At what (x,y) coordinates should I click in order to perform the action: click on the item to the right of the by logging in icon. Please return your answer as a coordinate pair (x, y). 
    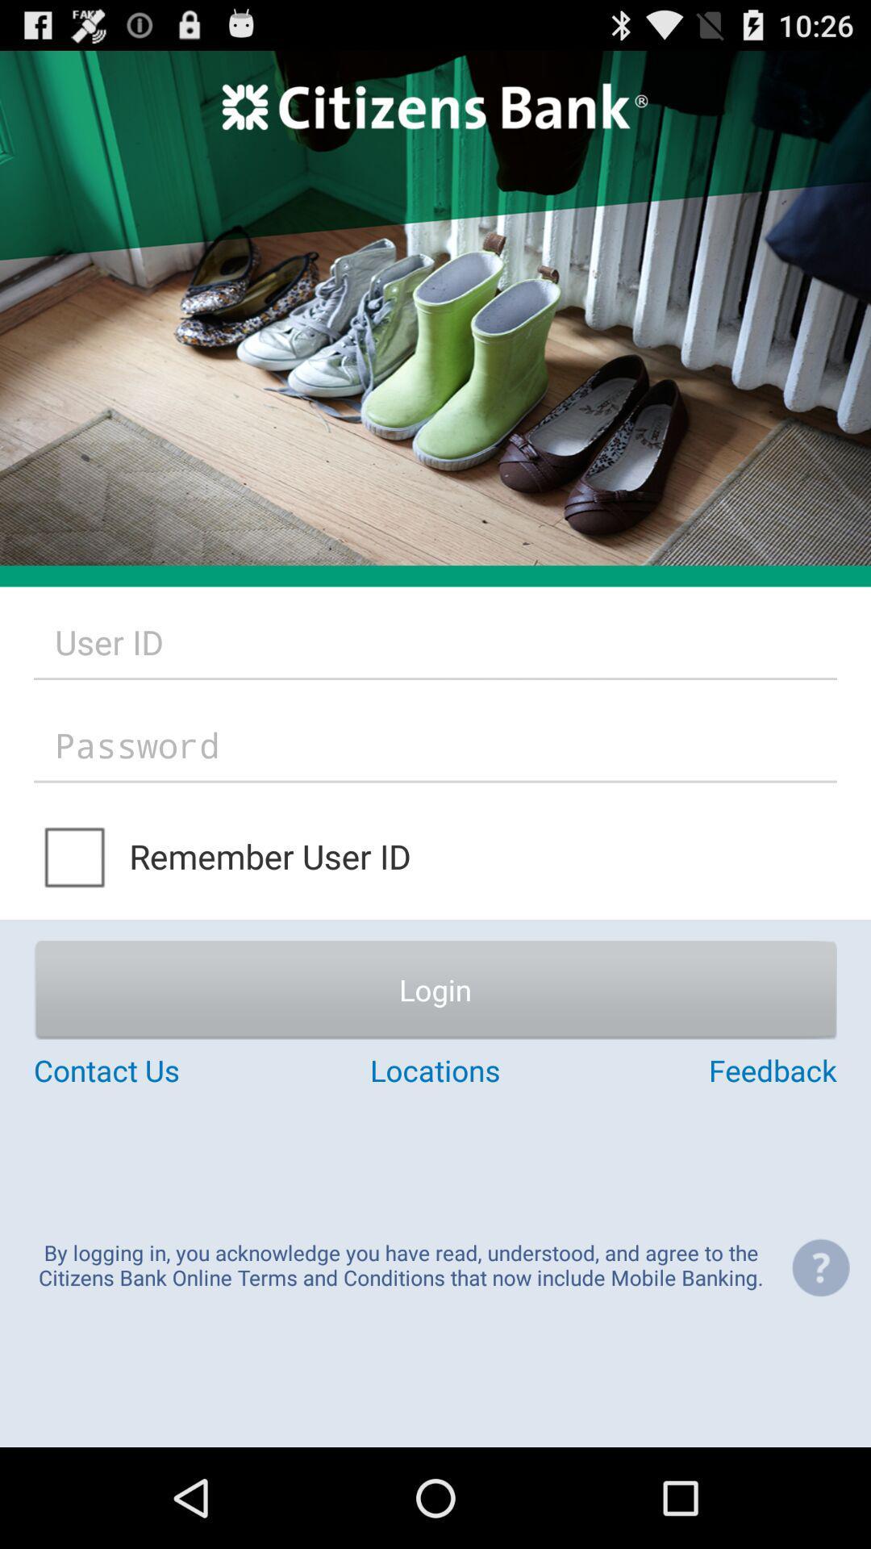
    Looking at the image, I should click on (820, 1267).